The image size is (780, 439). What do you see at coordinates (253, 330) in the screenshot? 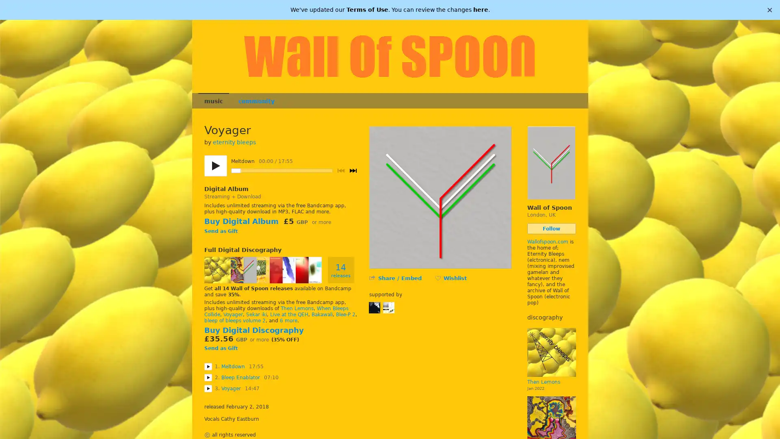
I see `Buy Digital Discography` at bounding box center [253, 330].